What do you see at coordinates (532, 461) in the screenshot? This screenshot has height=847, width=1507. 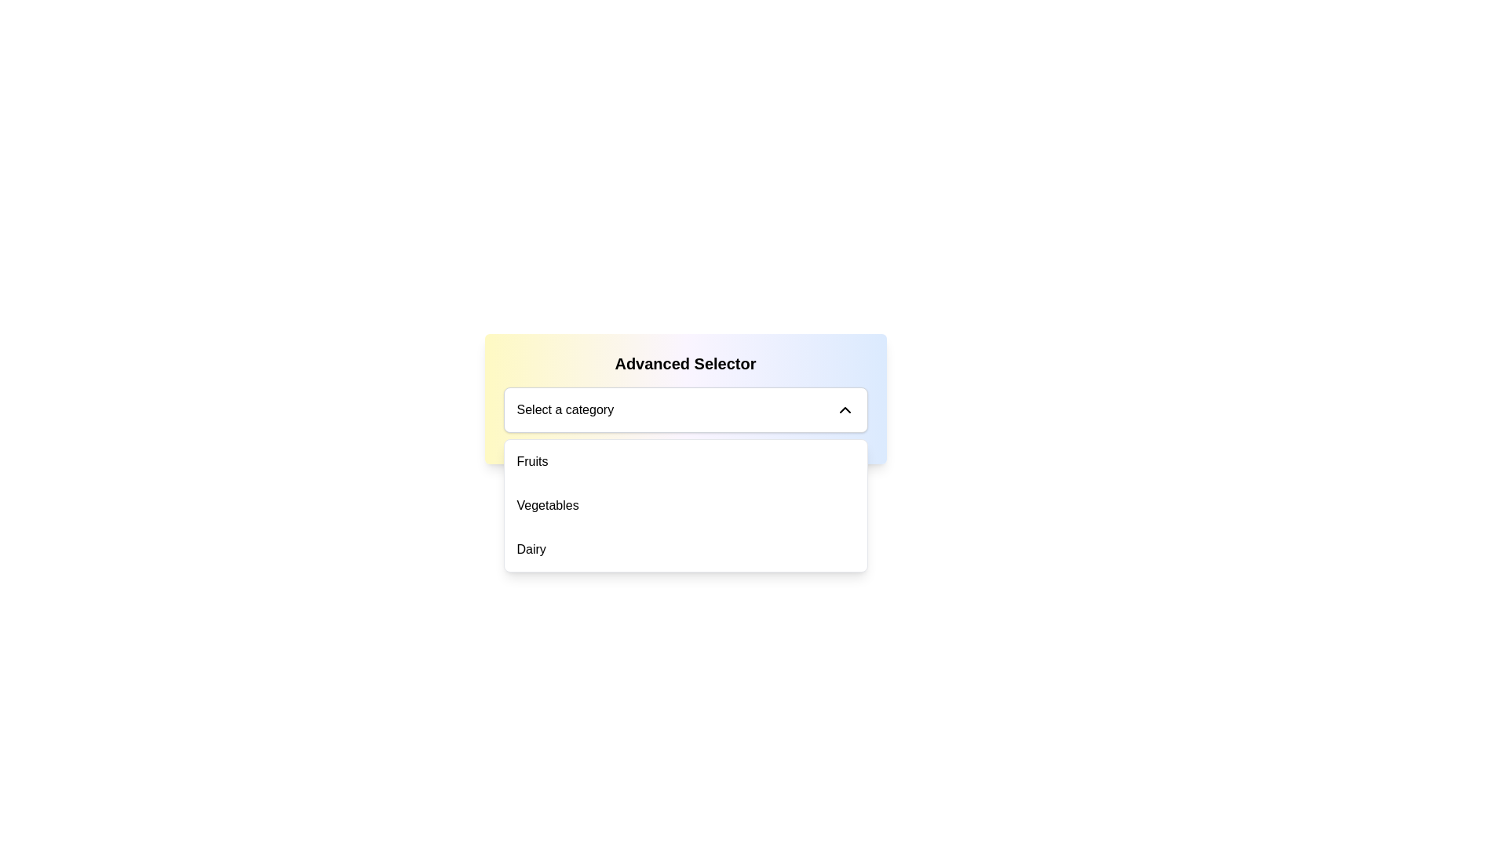 I see `the 'Fruits' option in the dropdown menu` at bounding box center [532, 461].